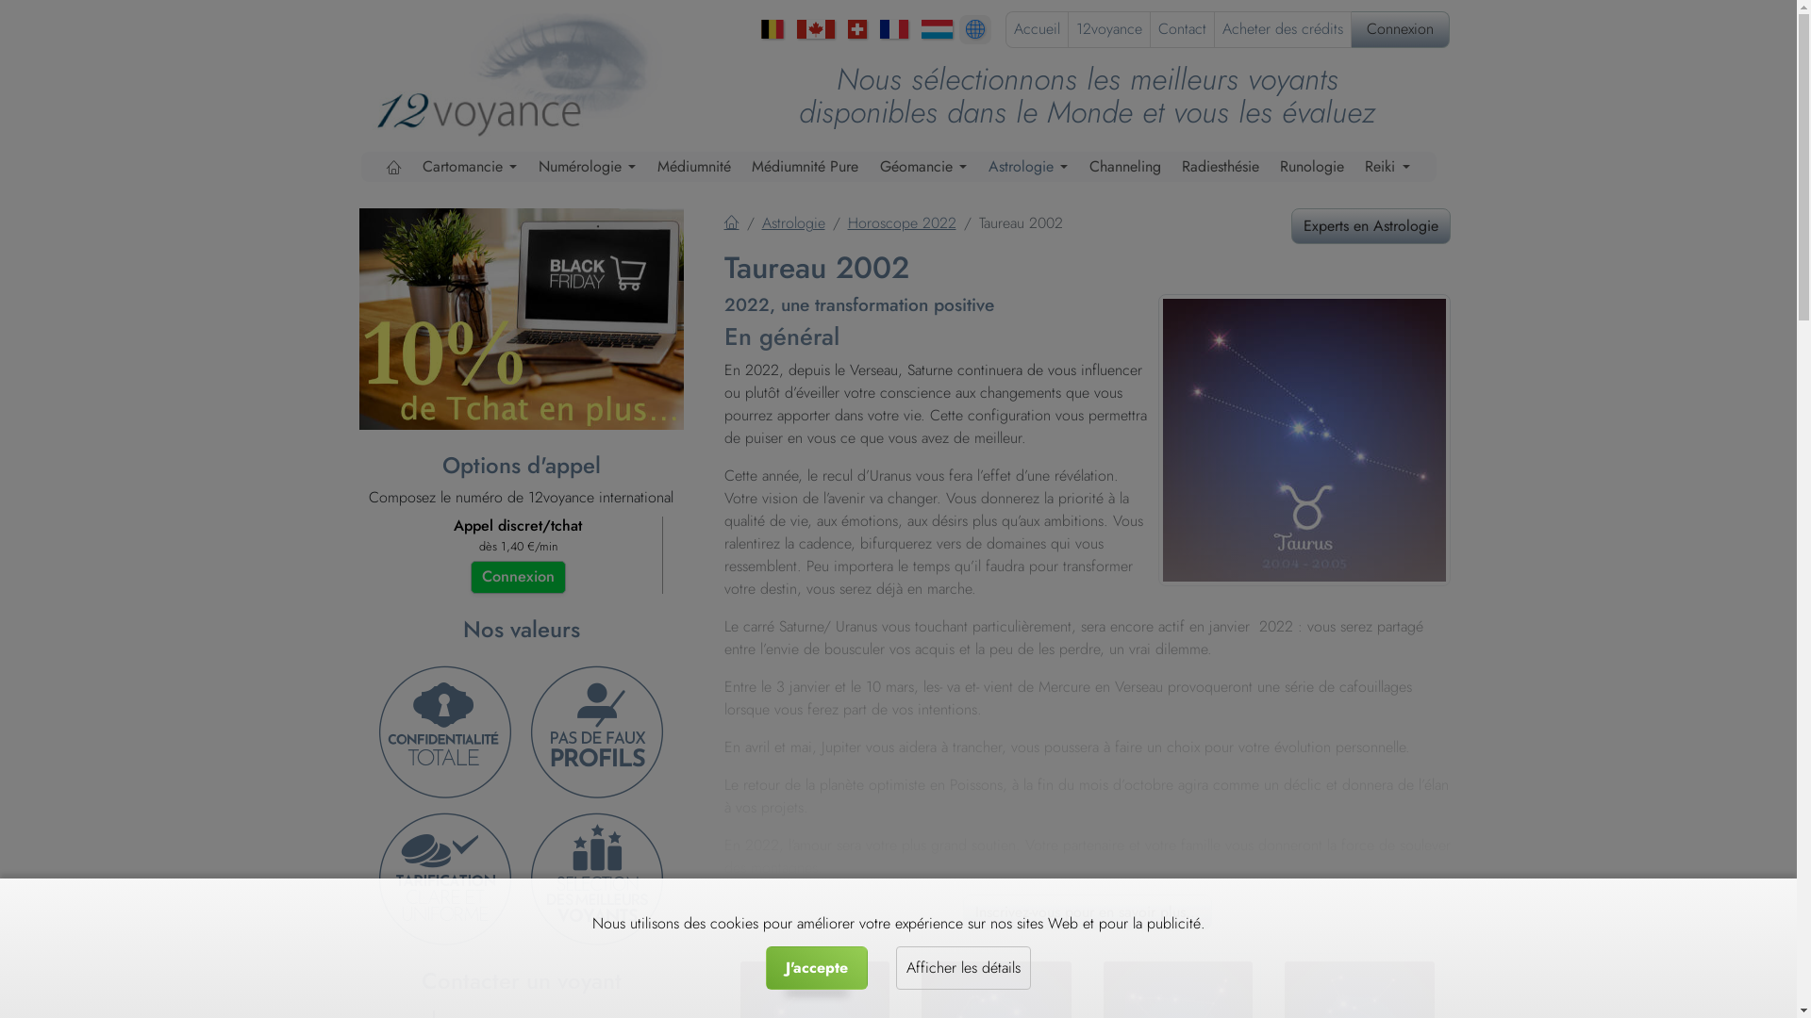  Describe the element at coordinates (1370, 224) in the screenshot. I see `'Experts en Astrologie'` at that location.